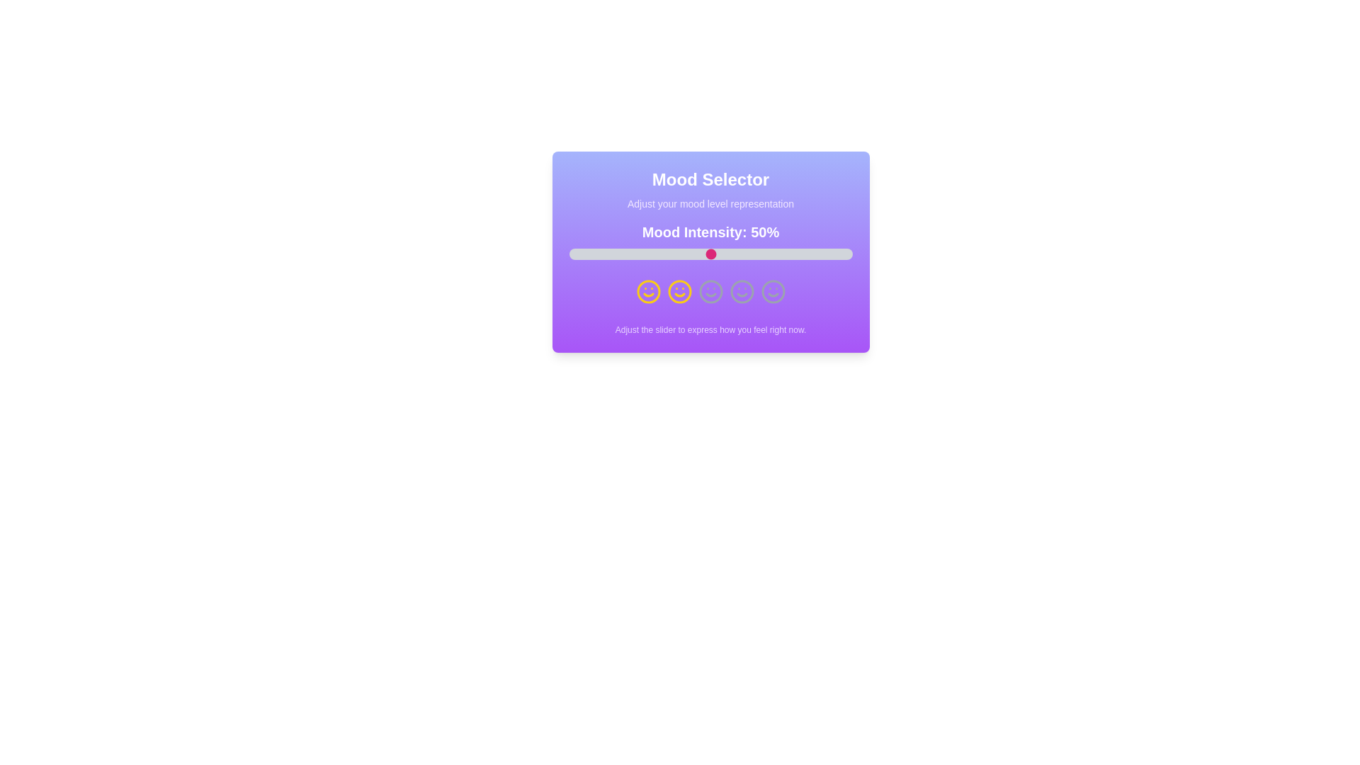  I want to click on the slider to set the mood intensity to 0%, so click(569, 253).